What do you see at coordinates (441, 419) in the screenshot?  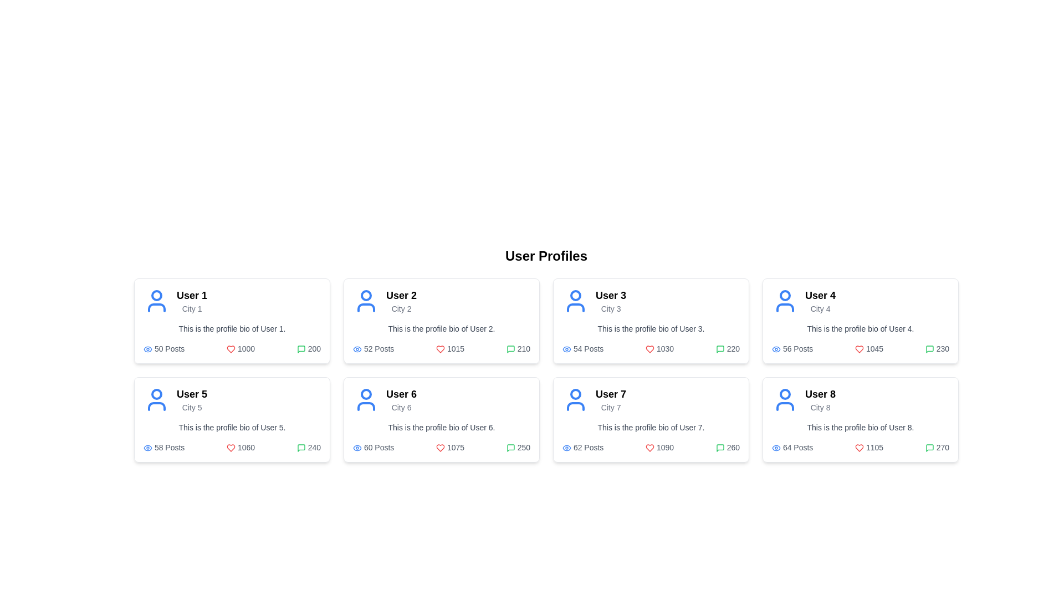 I see `displayed information on the Profile card for 'User 6', which is the 6th item in the grid layout, located in the second row and second column` at bounding box center [441, 419].